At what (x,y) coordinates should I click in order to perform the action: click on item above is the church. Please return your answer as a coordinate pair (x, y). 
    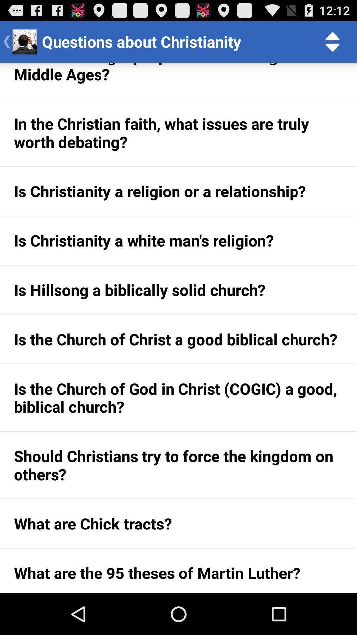
    Looking at the image, I should click on (178, 290).